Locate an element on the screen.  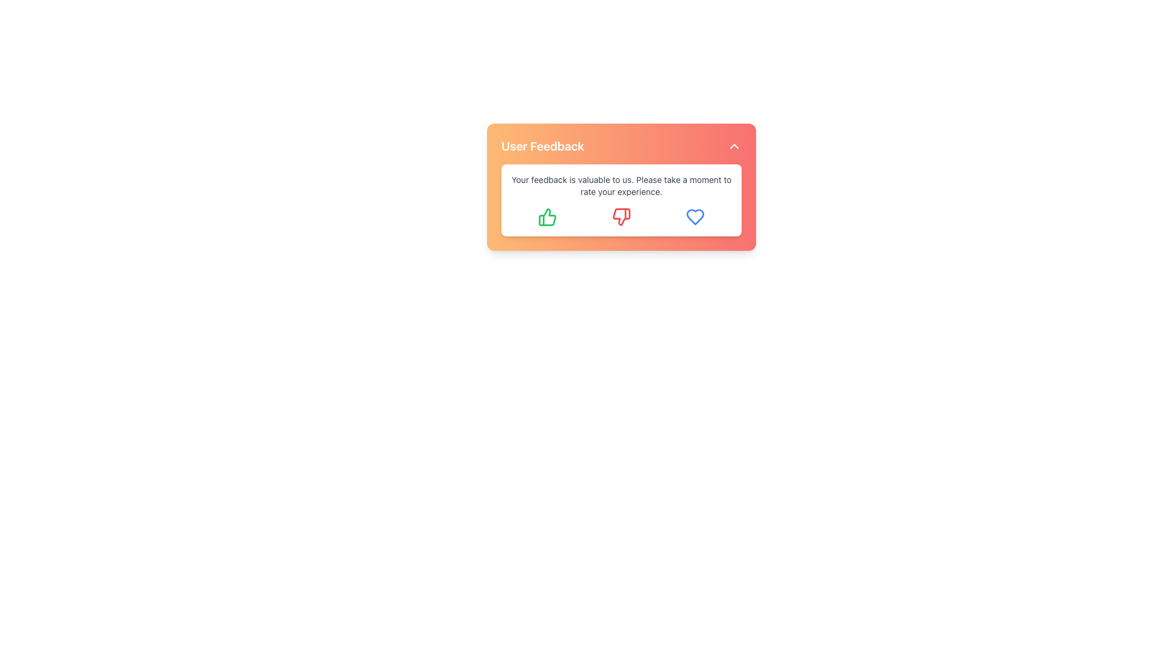
the upward-pointing chevron icon located in the top-right corner of the 'User Feedback' card is located at coordinates (734, 145).